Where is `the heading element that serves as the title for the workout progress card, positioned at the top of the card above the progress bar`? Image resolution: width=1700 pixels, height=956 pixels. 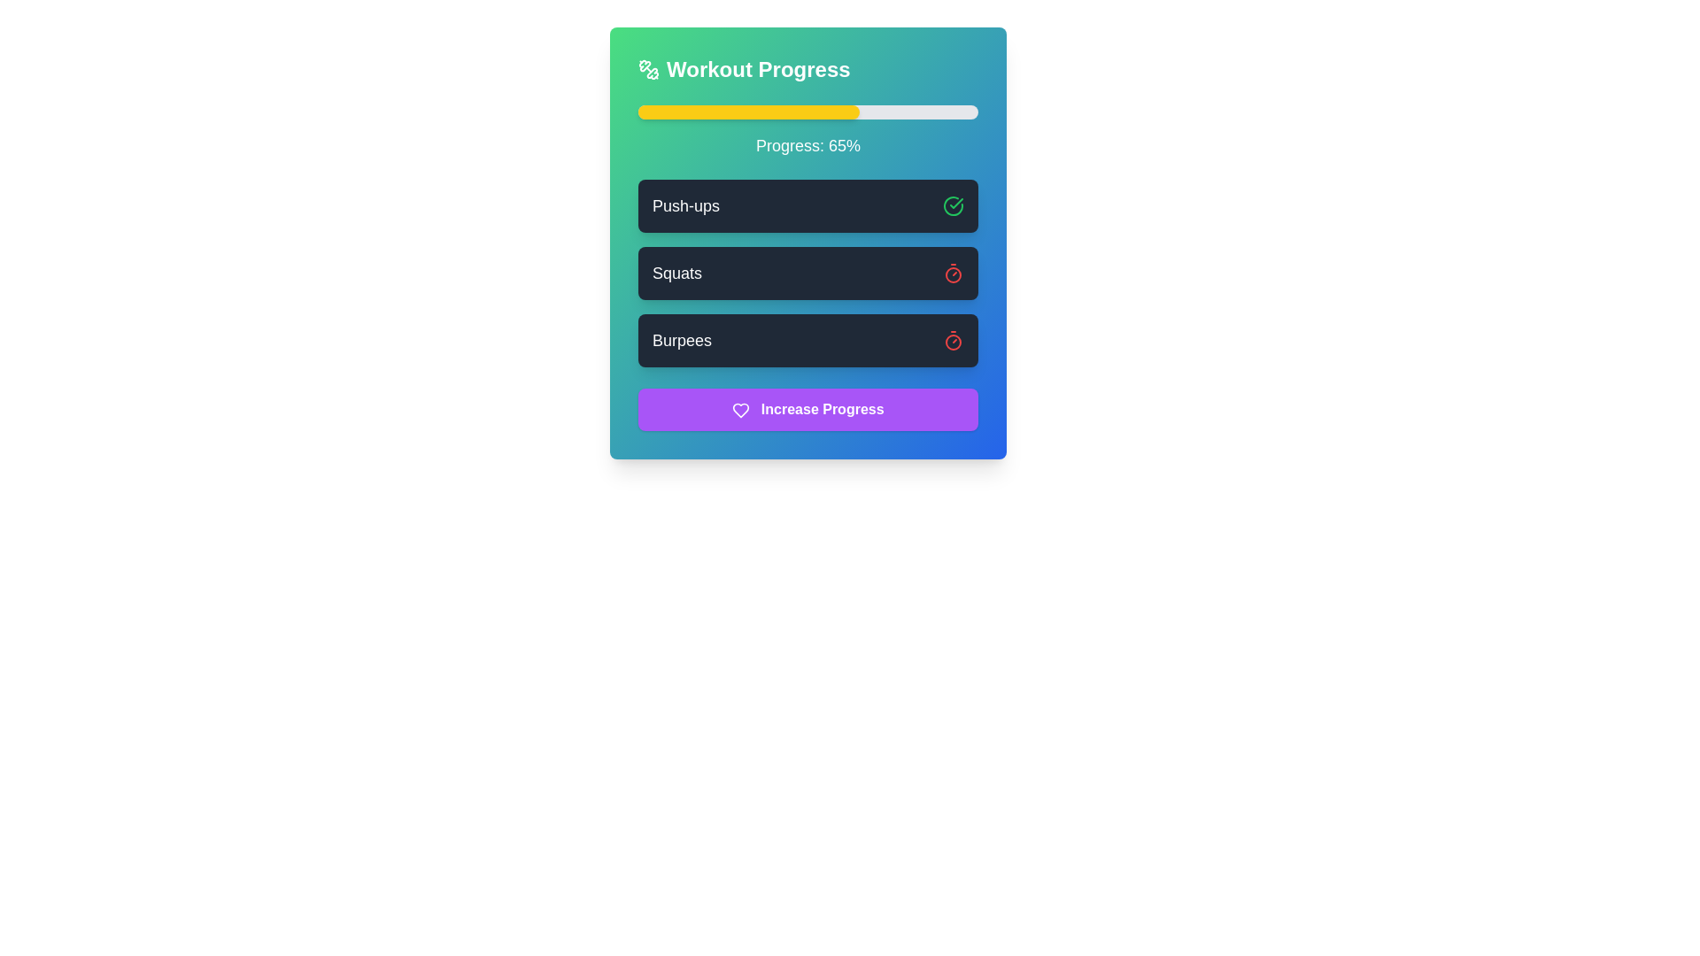 the heading element that serves as the title for the workout progress card, positioned at the top of the card above the progress bar is located at coordinates (807, 68).